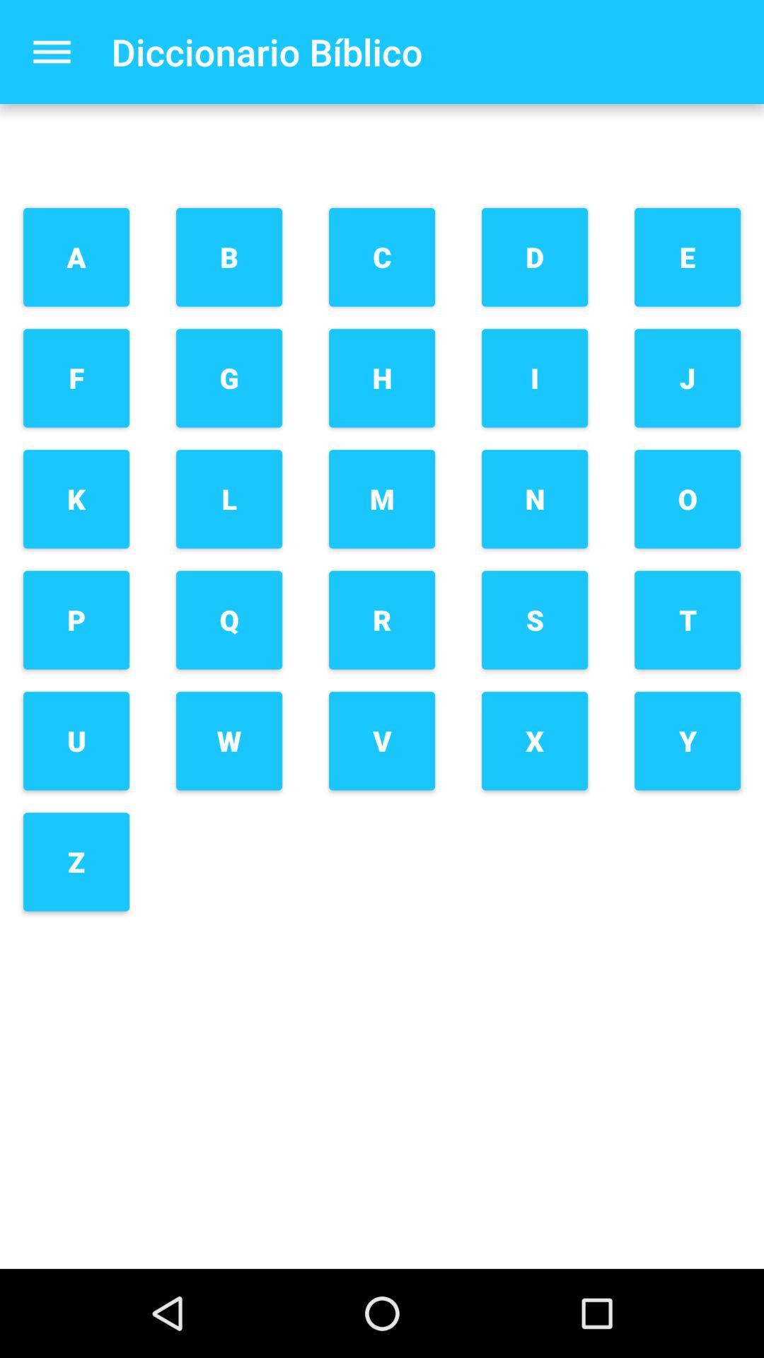 The width and height of the screenshot is (764, 1358). I want to click on the v button, so click(382, 740).